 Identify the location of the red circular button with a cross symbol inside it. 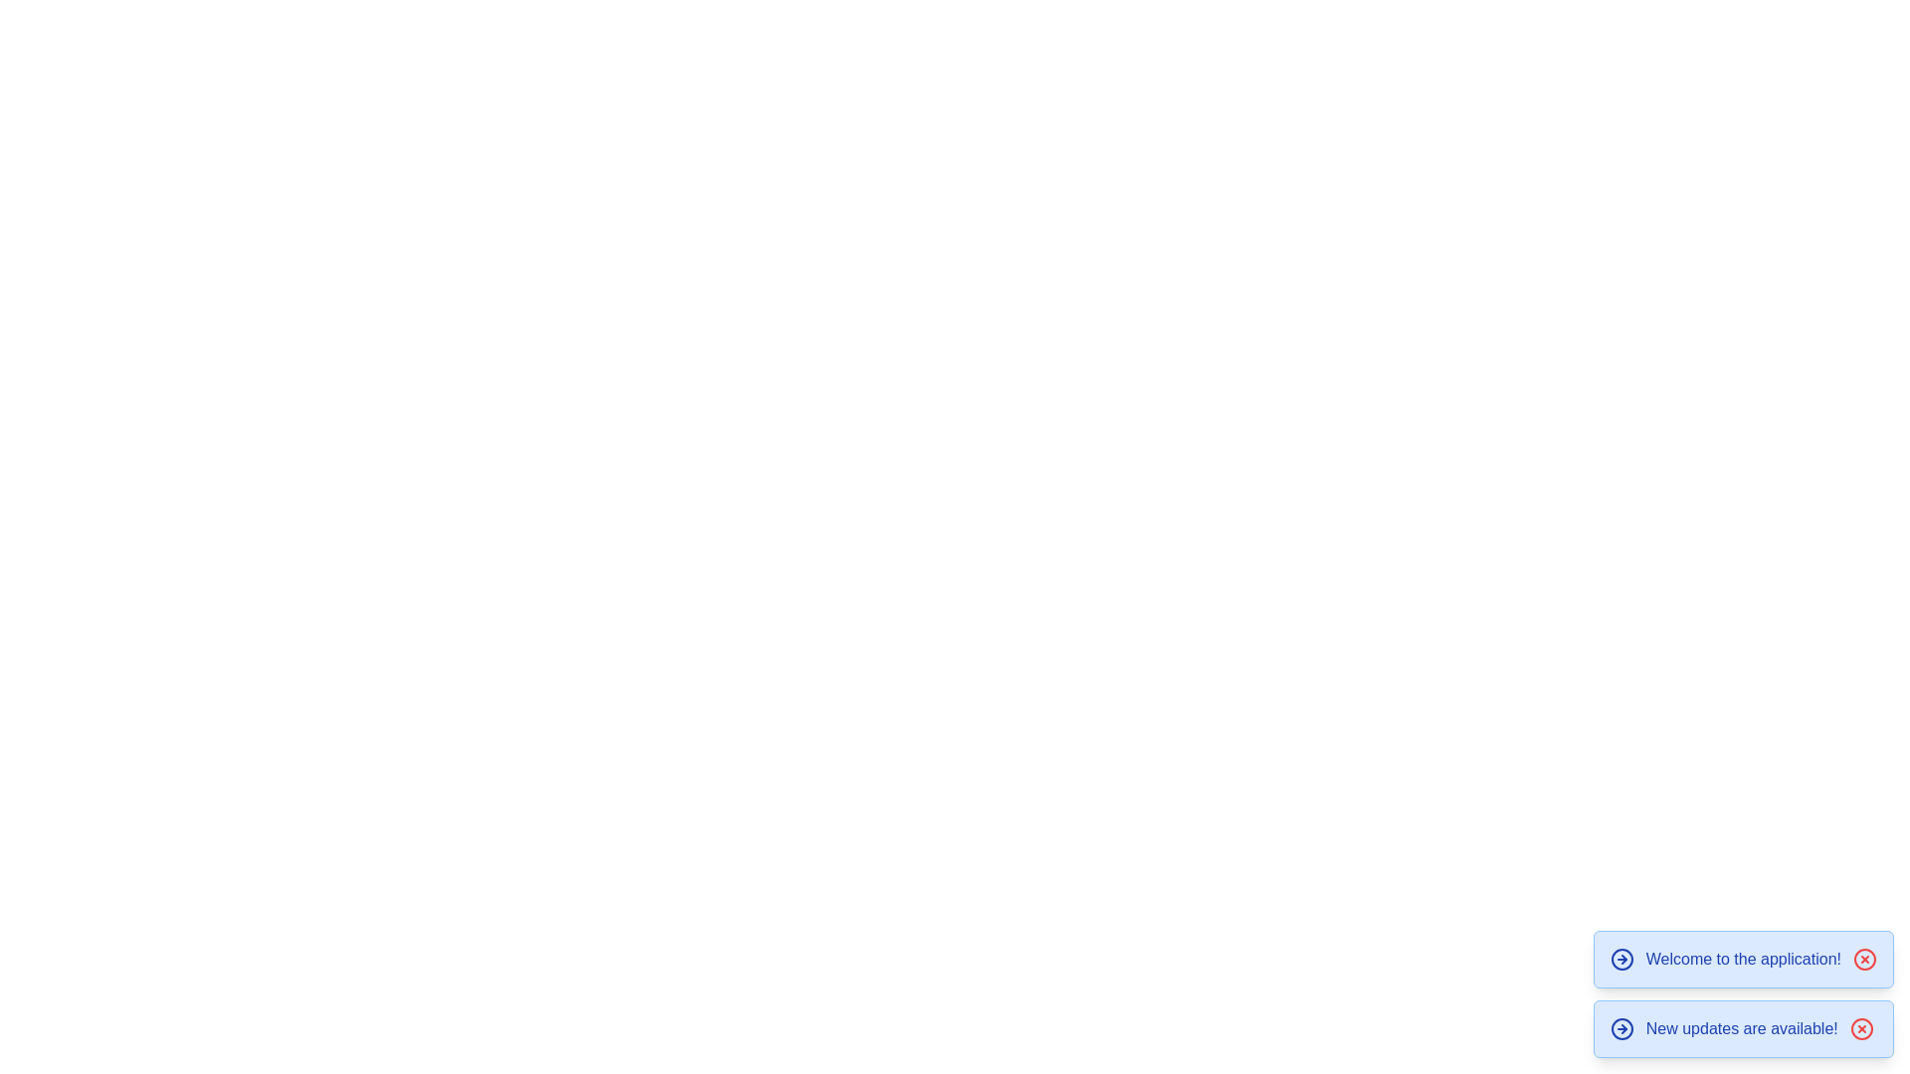
(1864, 958).